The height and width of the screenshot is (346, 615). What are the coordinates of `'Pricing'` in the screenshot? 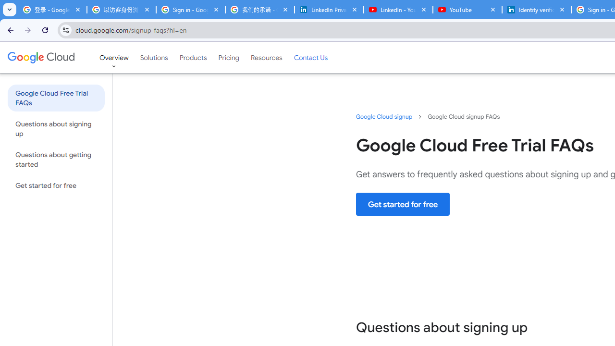 It's located at (228, 57).